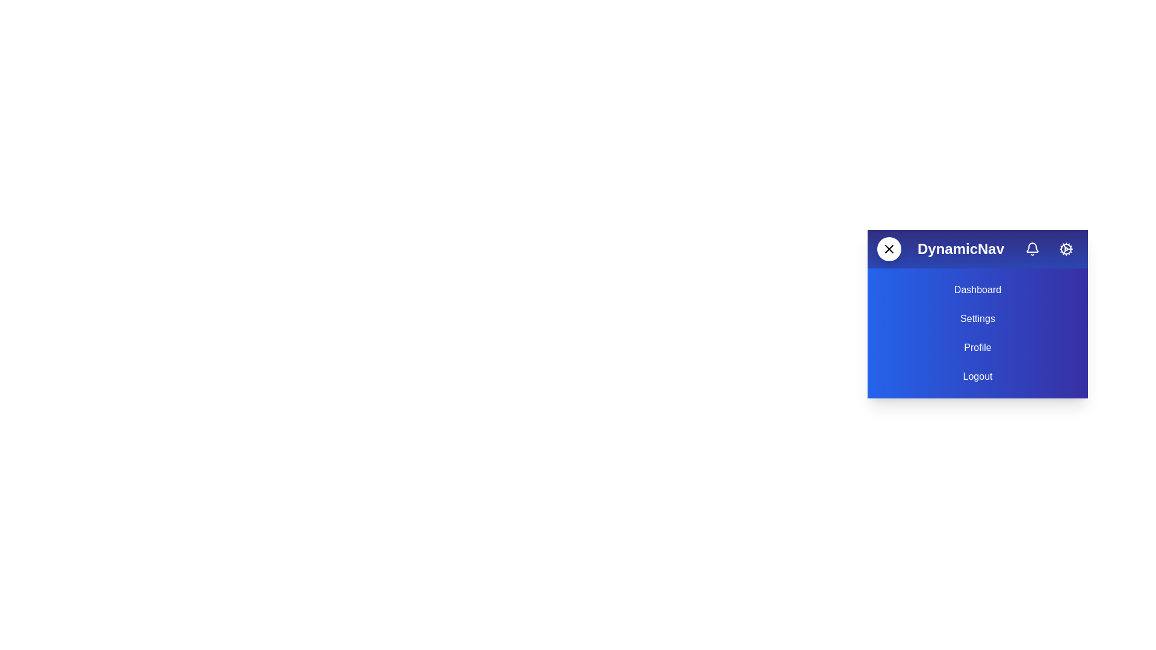 The image size is (1156, 650). I want to click on the button to toggle the menu visibility, so click(889, 248).